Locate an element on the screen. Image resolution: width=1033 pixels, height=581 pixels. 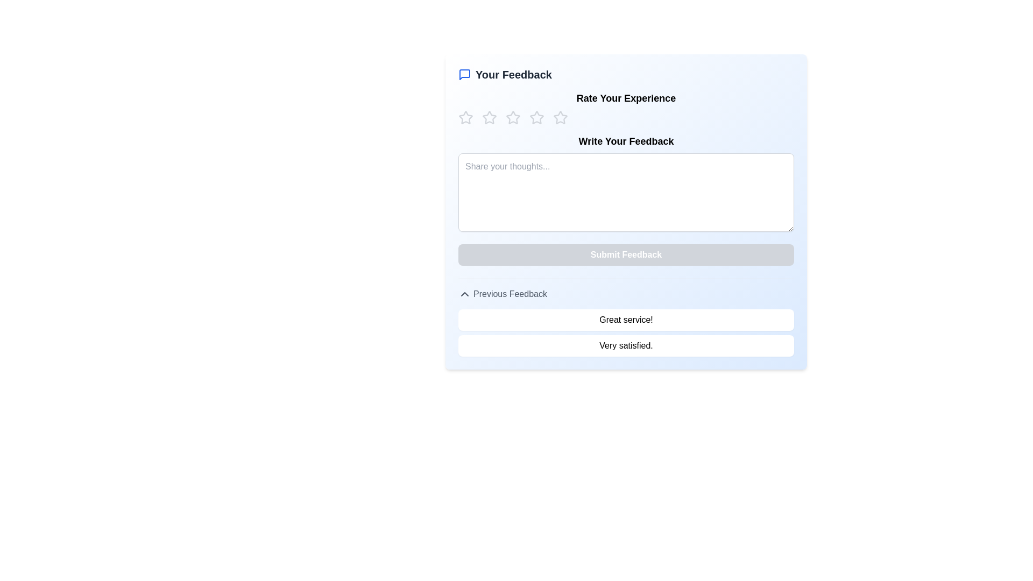
small blue speech bubble icon located on the left side of the header titled 'Your Feedback' for additional information is located at coordinates (465, 74).